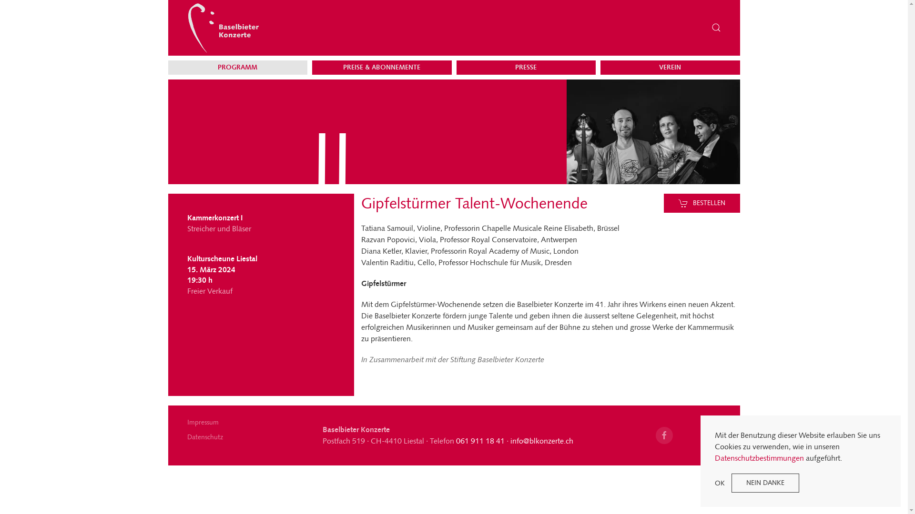  I want to click on 'info@blkonzerte.ch', so click(542, 441).